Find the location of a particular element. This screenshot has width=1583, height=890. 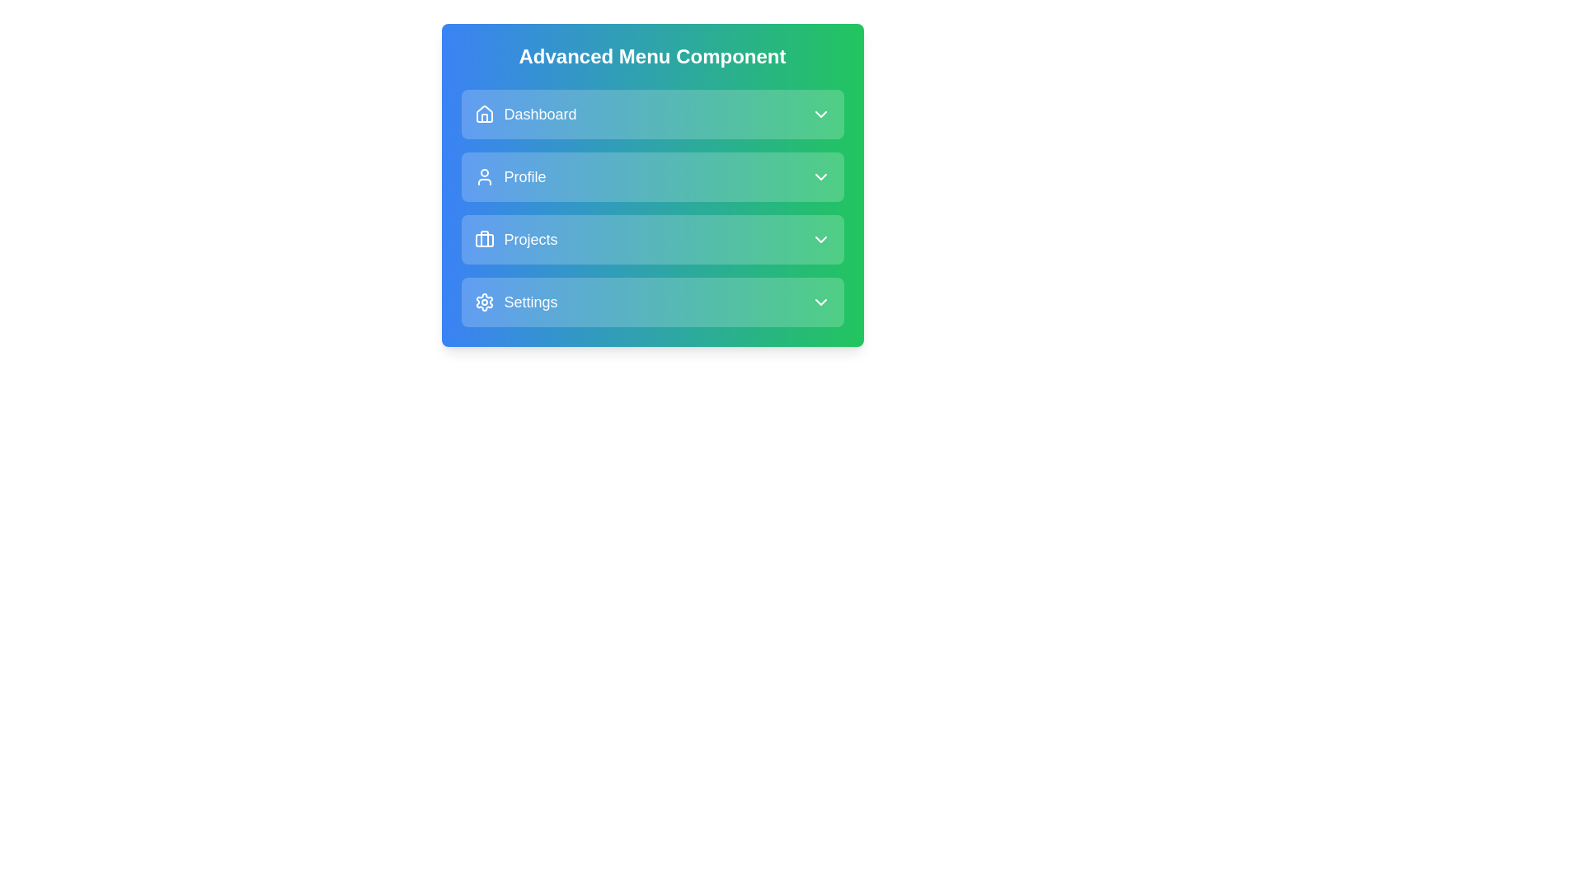

the 'Profile' menu option, which is the second item is located at coordinates (651, 177).